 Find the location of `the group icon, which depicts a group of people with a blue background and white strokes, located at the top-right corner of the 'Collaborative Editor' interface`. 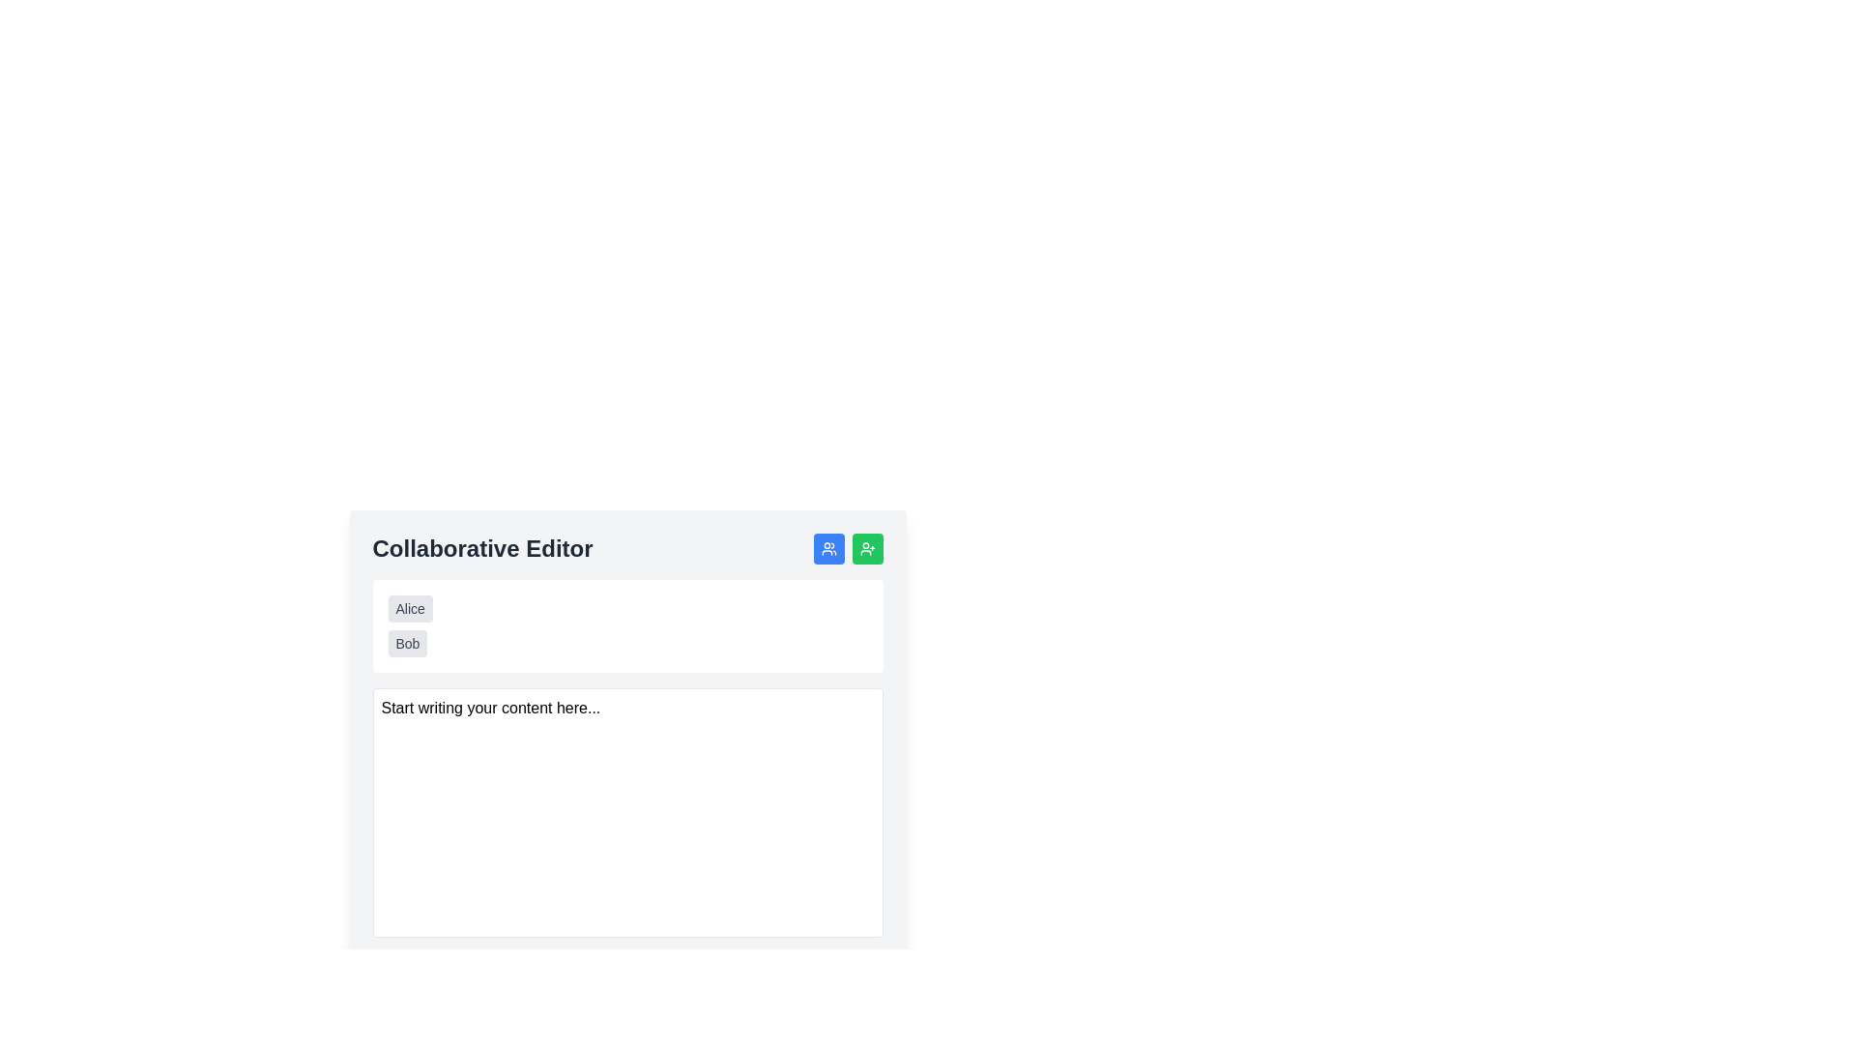

the group icon, which depicts a group of people with a blue background and white strokes, located at the top-right corner of the 'Collaborative Editor' interface is located at coordinates (828, 548).